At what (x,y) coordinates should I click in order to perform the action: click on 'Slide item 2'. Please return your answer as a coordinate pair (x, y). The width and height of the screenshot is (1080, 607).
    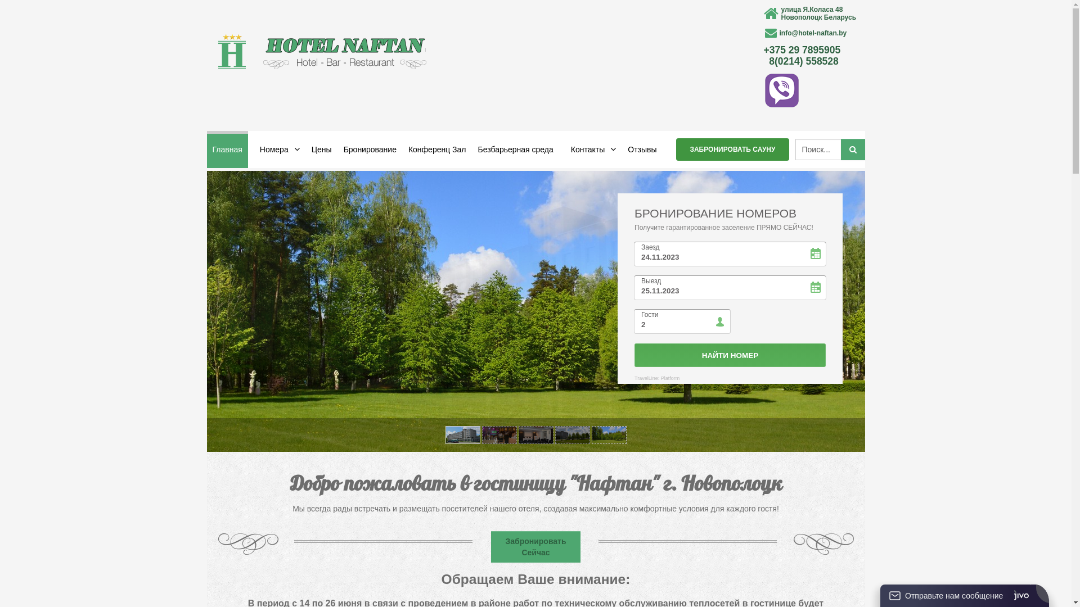
    Looking at the image, I should click on (499, 434).